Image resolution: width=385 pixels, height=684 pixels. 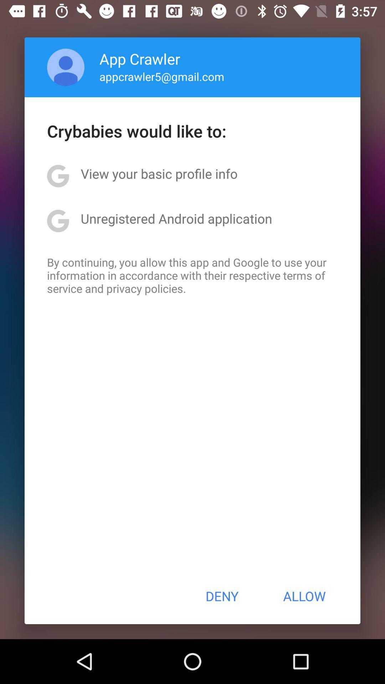 I want to click on the deny, so click(x=221, y=596).